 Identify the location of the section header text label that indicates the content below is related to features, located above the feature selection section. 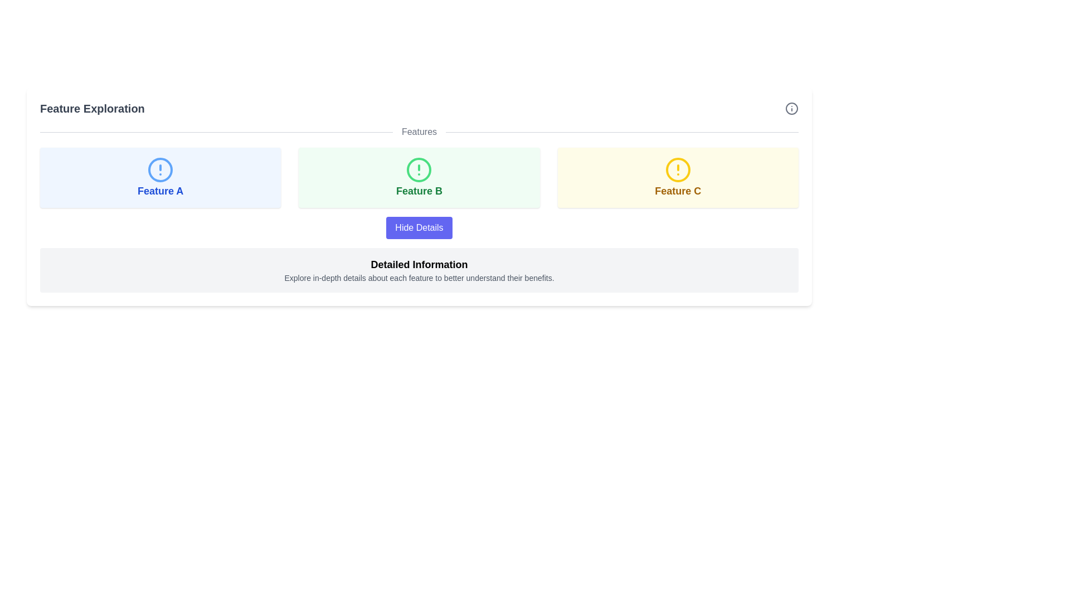
(419, 131).